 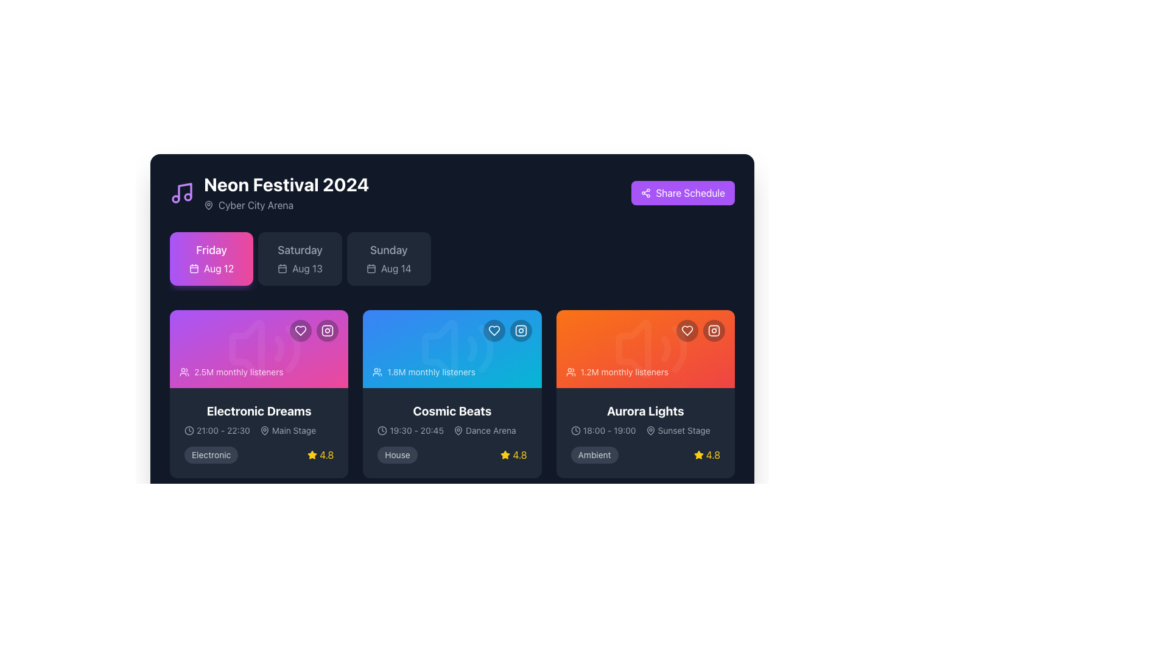 What do you see at coordinates (307, 267) in the screenshot?
I see `the text label displaying 'Aug 13' in medium-light gray color on a dark background, which is the middle date card labeled 'Saturday' among three date cards` at bounding box center [307, 267].